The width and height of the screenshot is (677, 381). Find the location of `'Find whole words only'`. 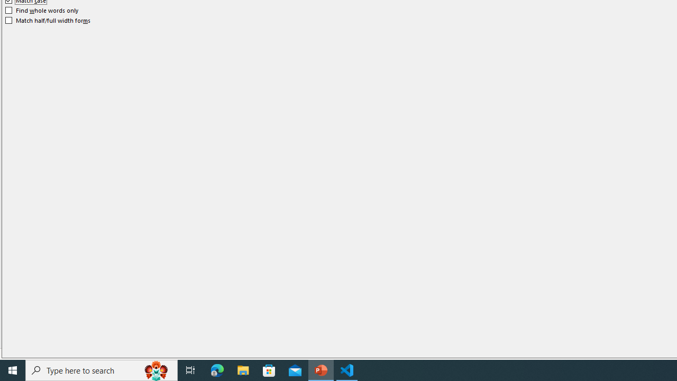

'Find whole words only' is located at coordinates (42, 11).